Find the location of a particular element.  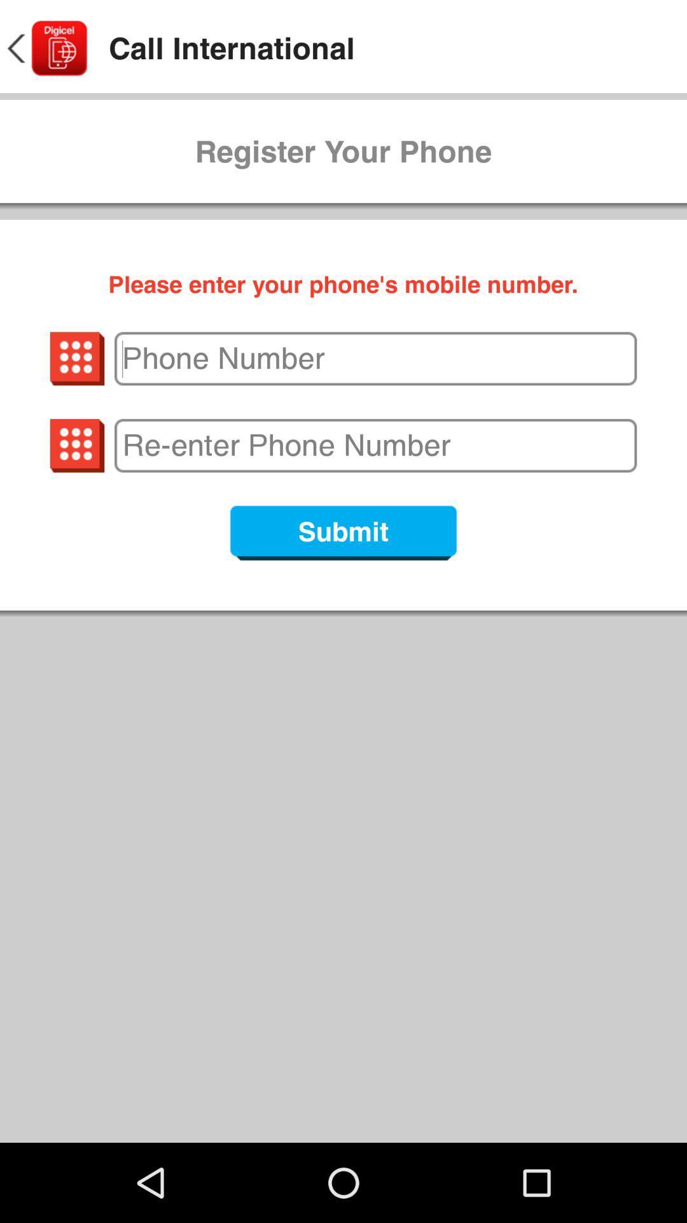

field to re-enter phone number is located at coordinates (375, 445).